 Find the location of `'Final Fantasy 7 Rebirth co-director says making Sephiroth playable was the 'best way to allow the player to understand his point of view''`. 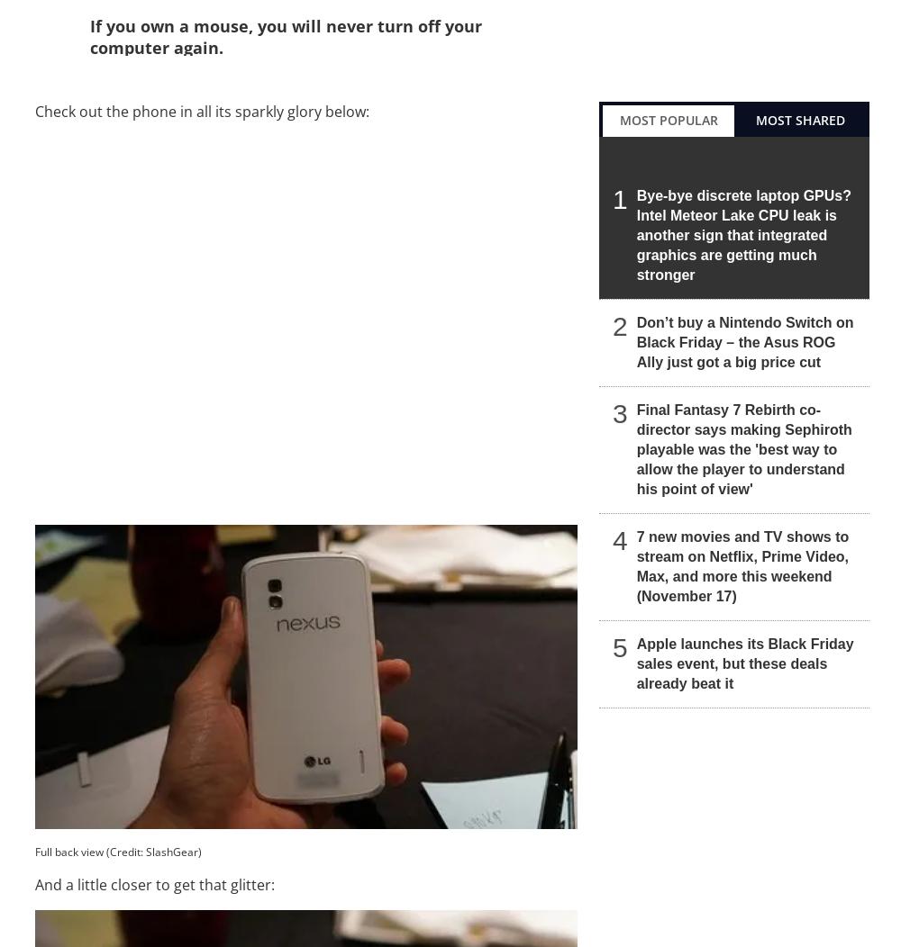

'Final Fantasy 7 Rebirth co-director says making Sephiroth playable was the 'best way to allow the player to understand his point of view'' is located at coordinates (742, 447).